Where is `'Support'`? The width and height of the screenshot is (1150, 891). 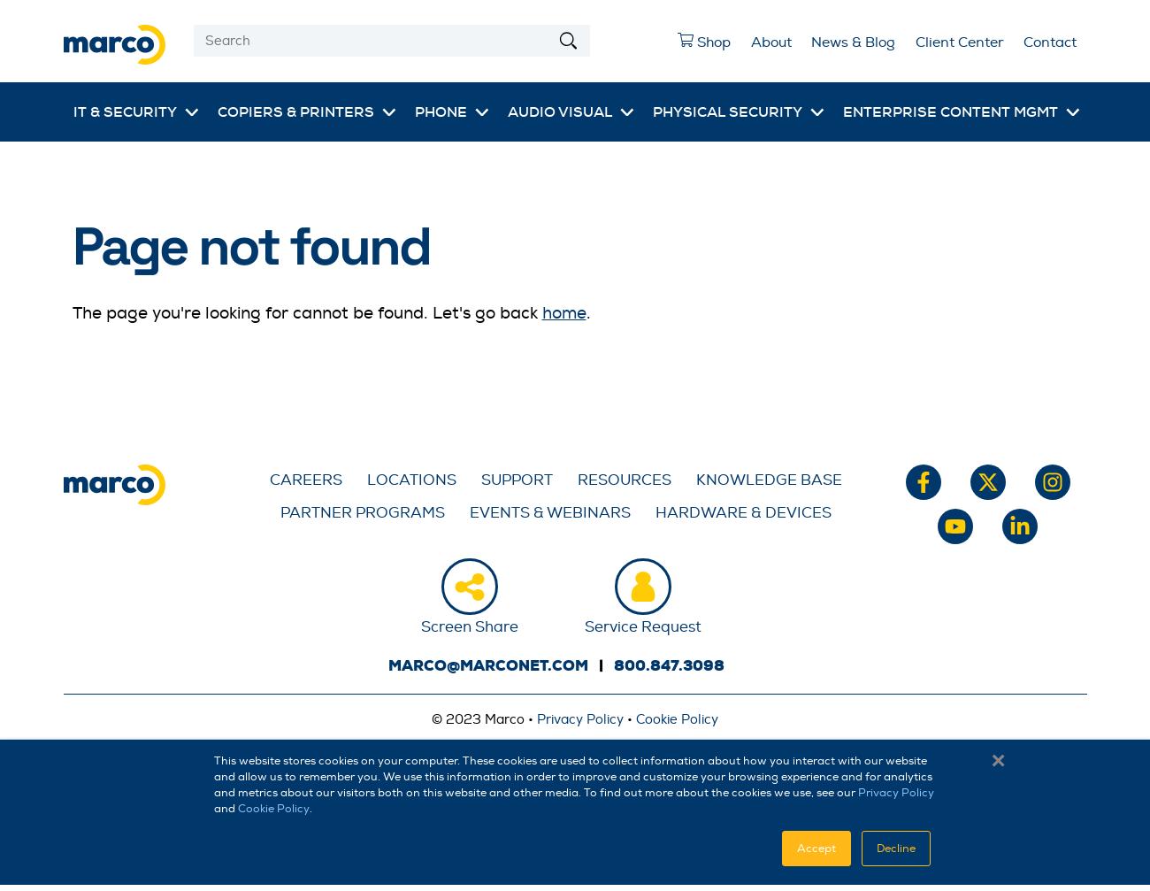 'Support' is located at coordinates (480, 479).